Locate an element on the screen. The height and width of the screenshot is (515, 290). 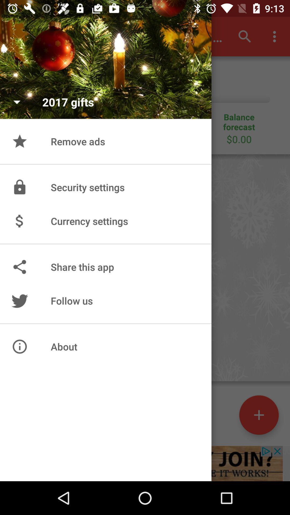
the add icon is located at coordinates (259, 415).